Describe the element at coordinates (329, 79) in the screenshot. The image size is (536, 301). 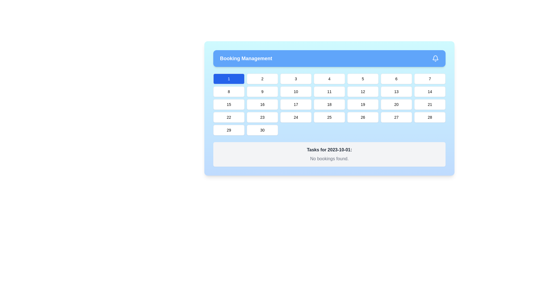
I see `the button representing the number 4, located` at that location.